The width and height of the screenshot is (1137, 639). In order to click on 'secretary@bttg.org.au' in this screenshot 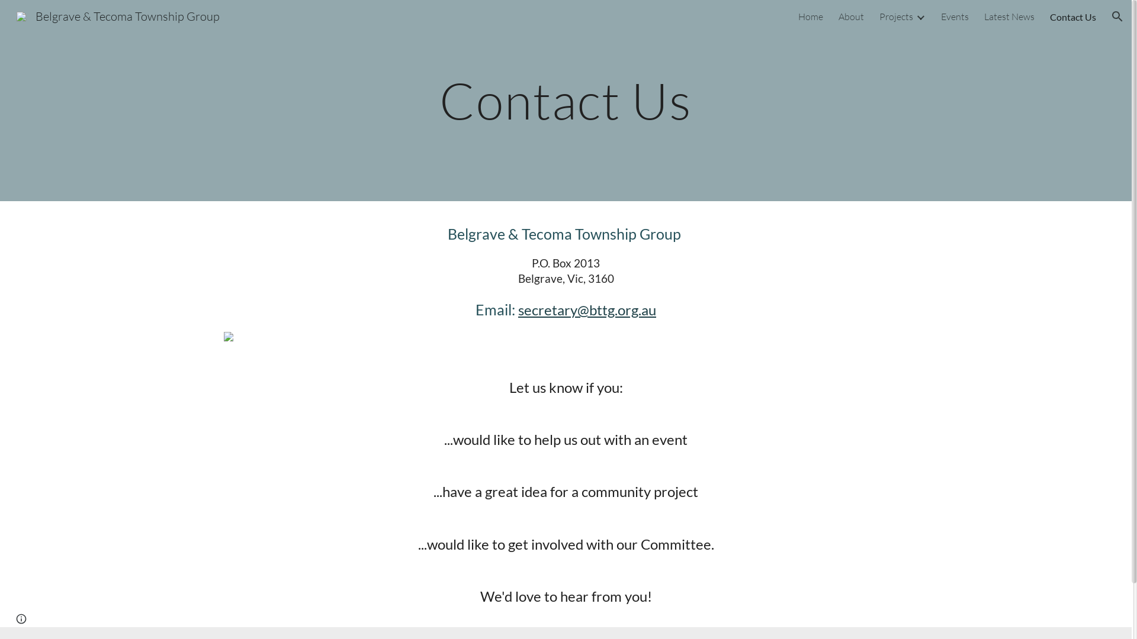, I will do `click(518, 309)`.